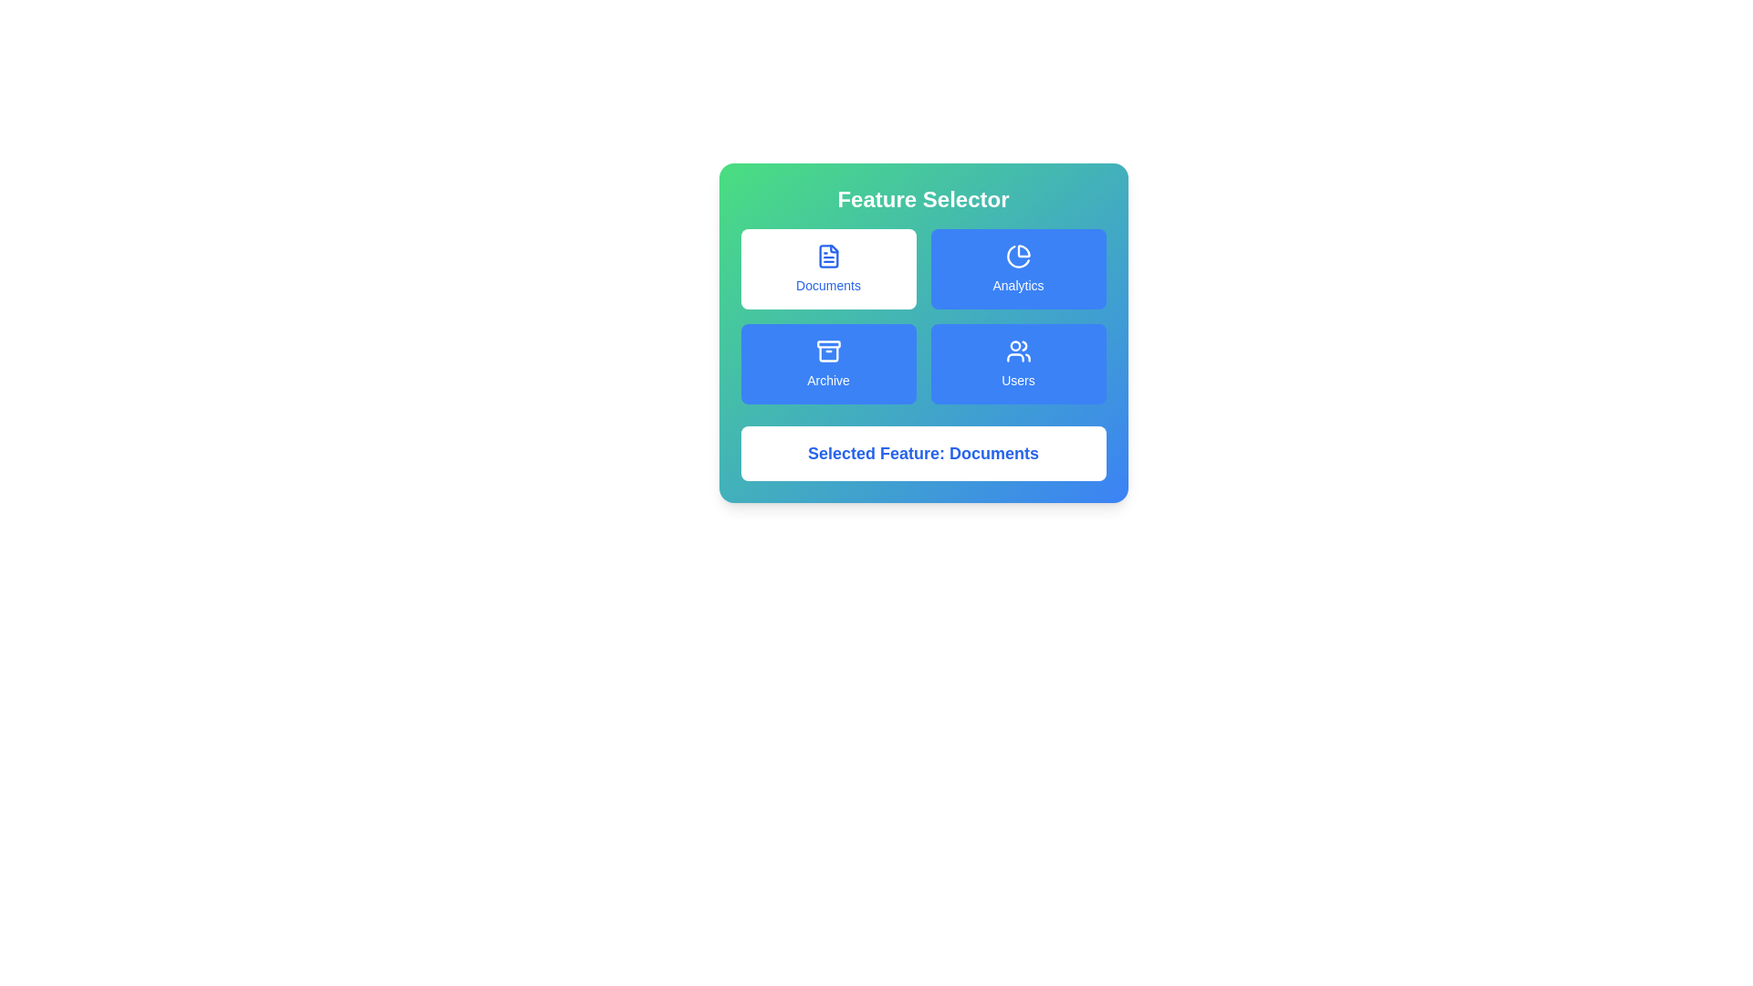 This screenshot has height=986, width=1753. I want to click on the archive icon, which symbolizes the functionality of saving or archiving data, located, so click(827, 353).